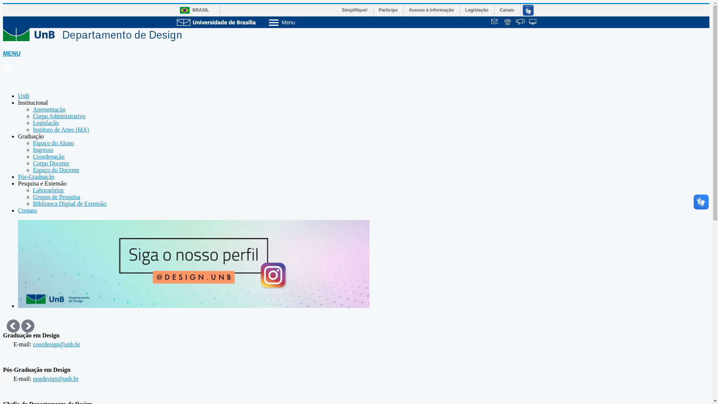 The height and width of the screenshot is (404, 718). I want to click on ' ', so click(495, 22).